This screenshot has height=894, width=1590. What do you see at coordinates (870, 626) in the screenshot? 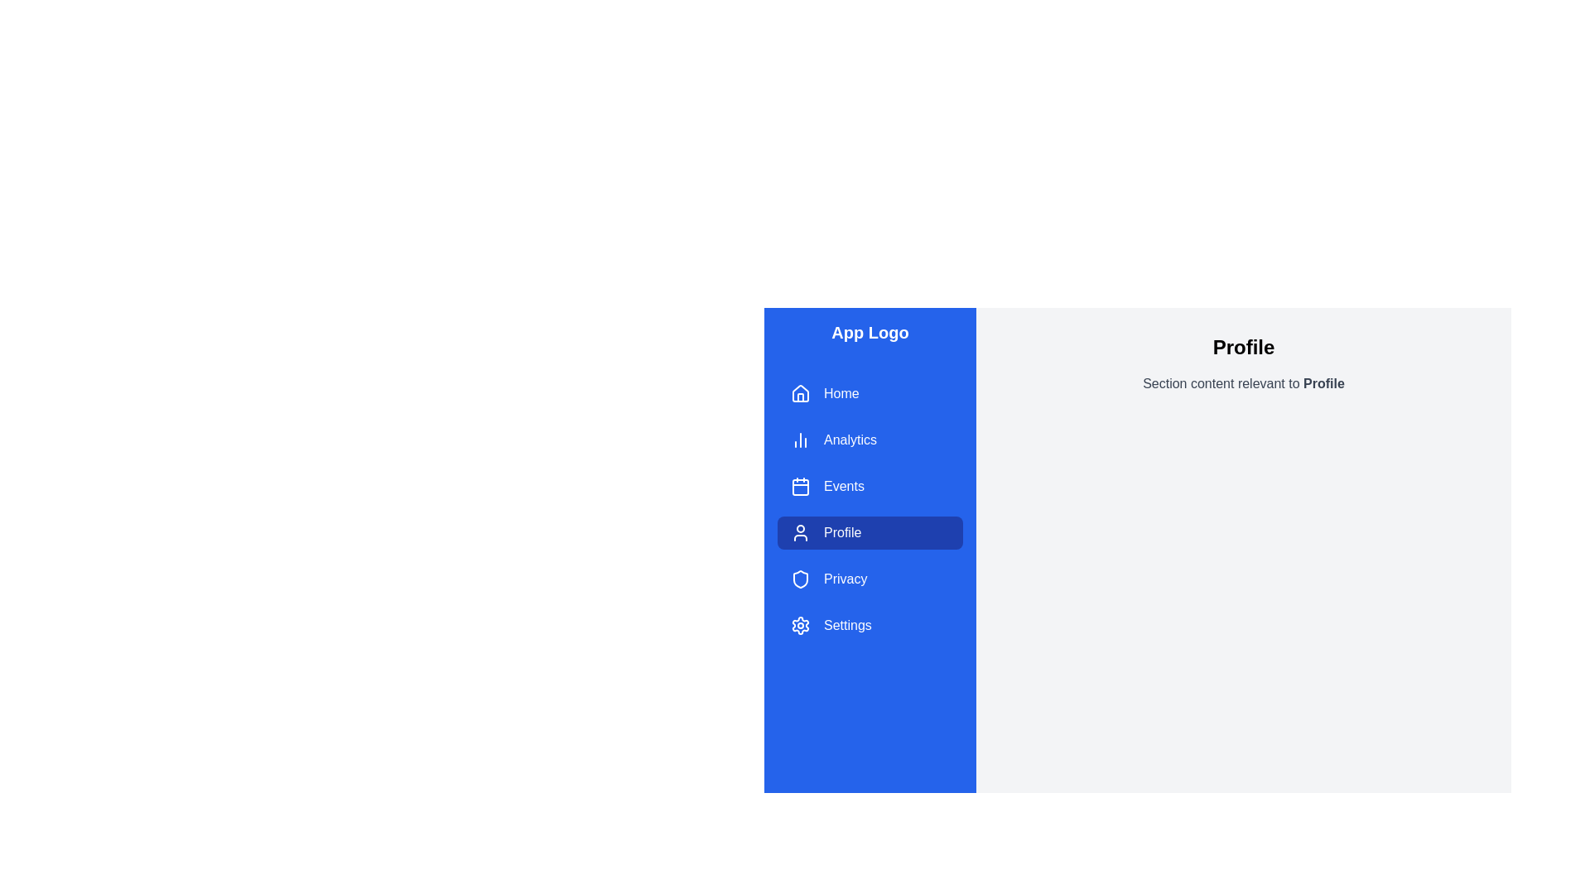
I see `the 'Settings' button in the vertical navigation menu for keyboard navigation` at bounding box center [870, 626].